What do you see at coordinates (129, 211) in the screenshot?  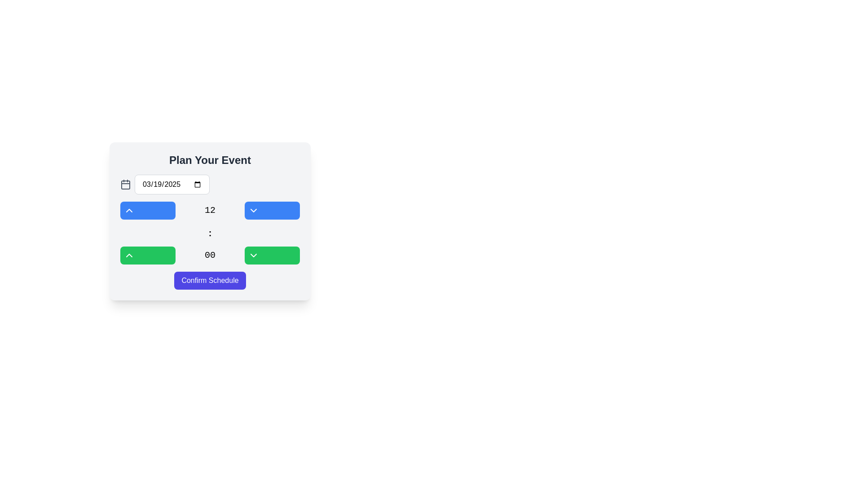 I see `the chevron arrow icon which is an up-button for navigating or incrementing values, located within a blue rectangular button on the left part of the interface` at bounding box center [129, 211].